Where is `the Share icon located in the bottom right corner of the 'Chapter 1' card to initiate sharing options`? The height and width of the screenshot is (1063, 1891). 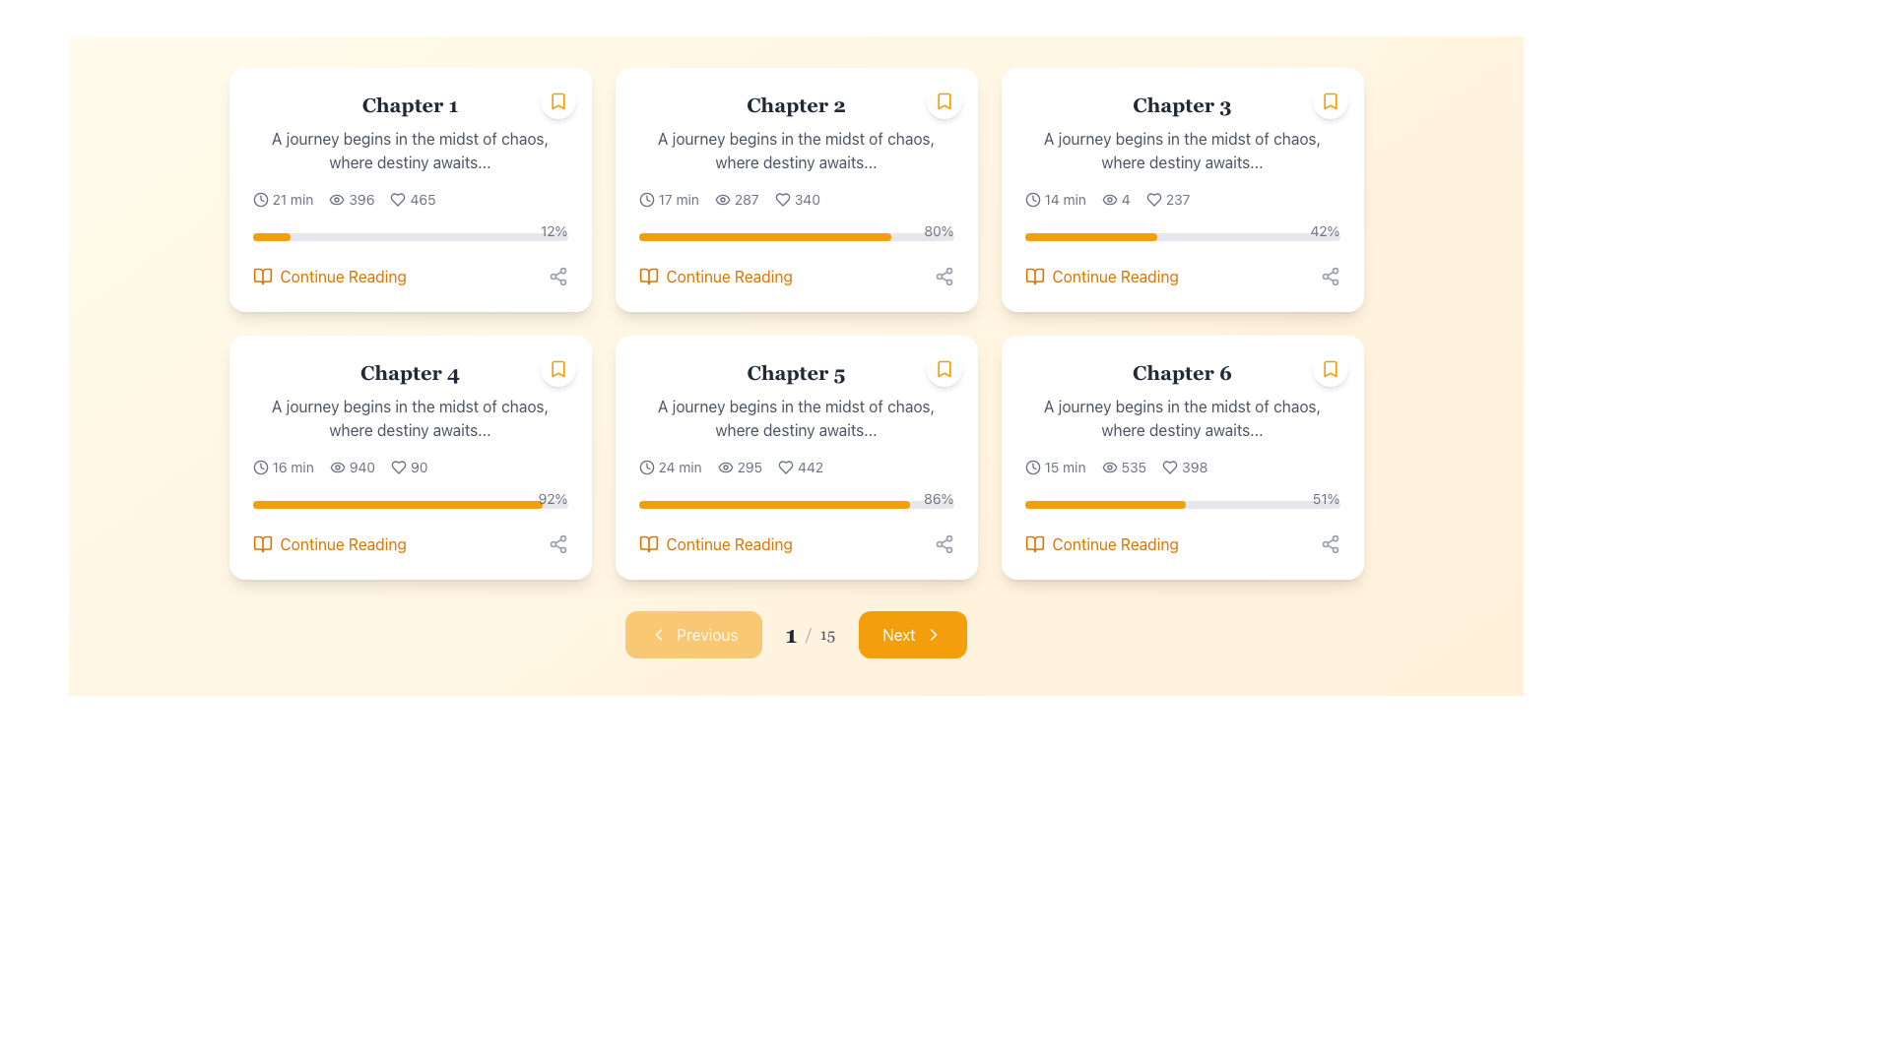
the Share icon located in the bottom right corner of the 'Chapter 1' card to initiate sharing options is located at coordinates (556, 277).